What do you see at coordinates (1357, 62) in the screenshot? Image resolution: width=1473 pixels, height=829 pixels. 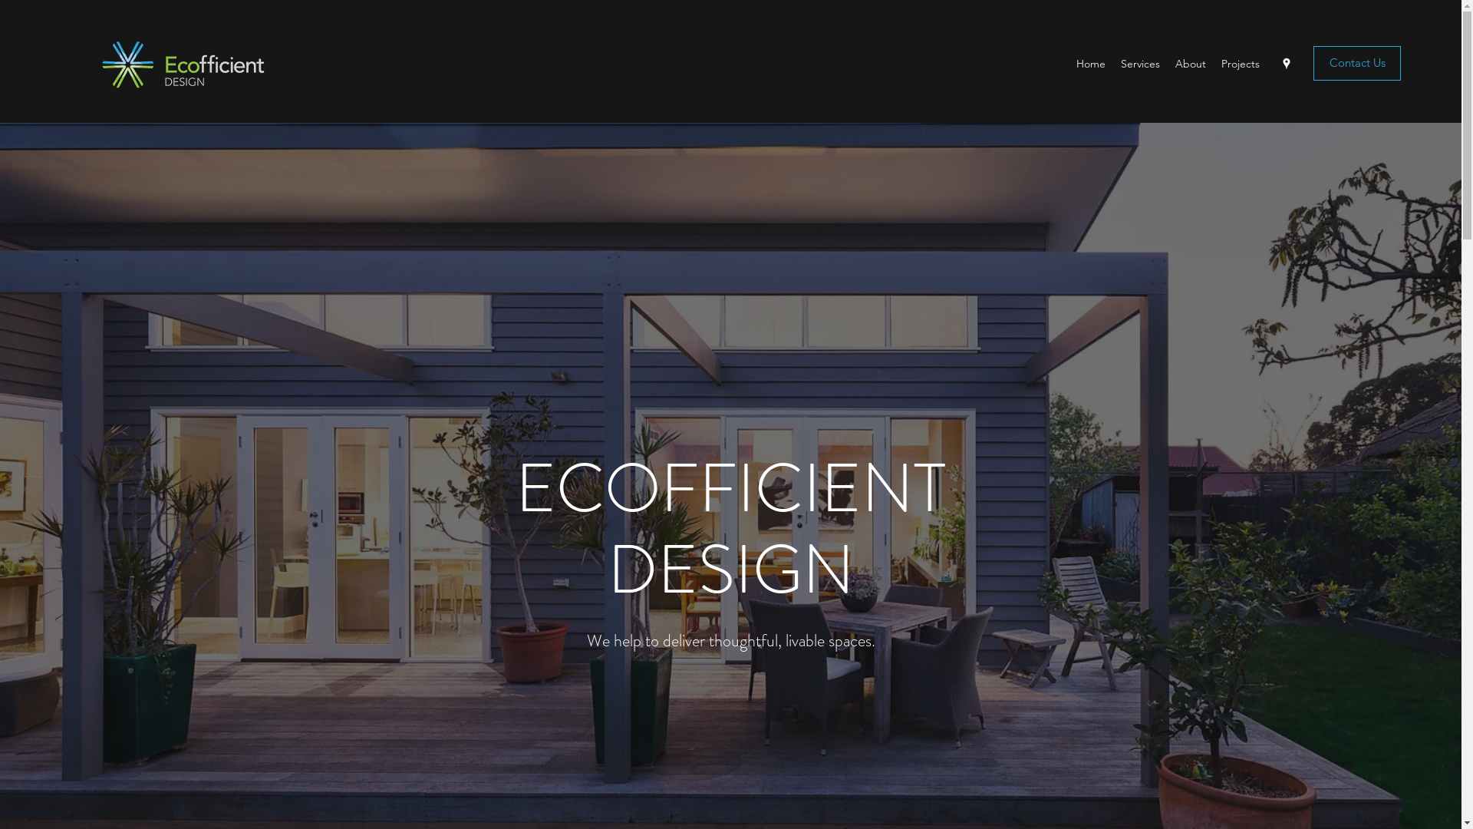 I see `'Contact Us'` at bounding box center [1357, 62].